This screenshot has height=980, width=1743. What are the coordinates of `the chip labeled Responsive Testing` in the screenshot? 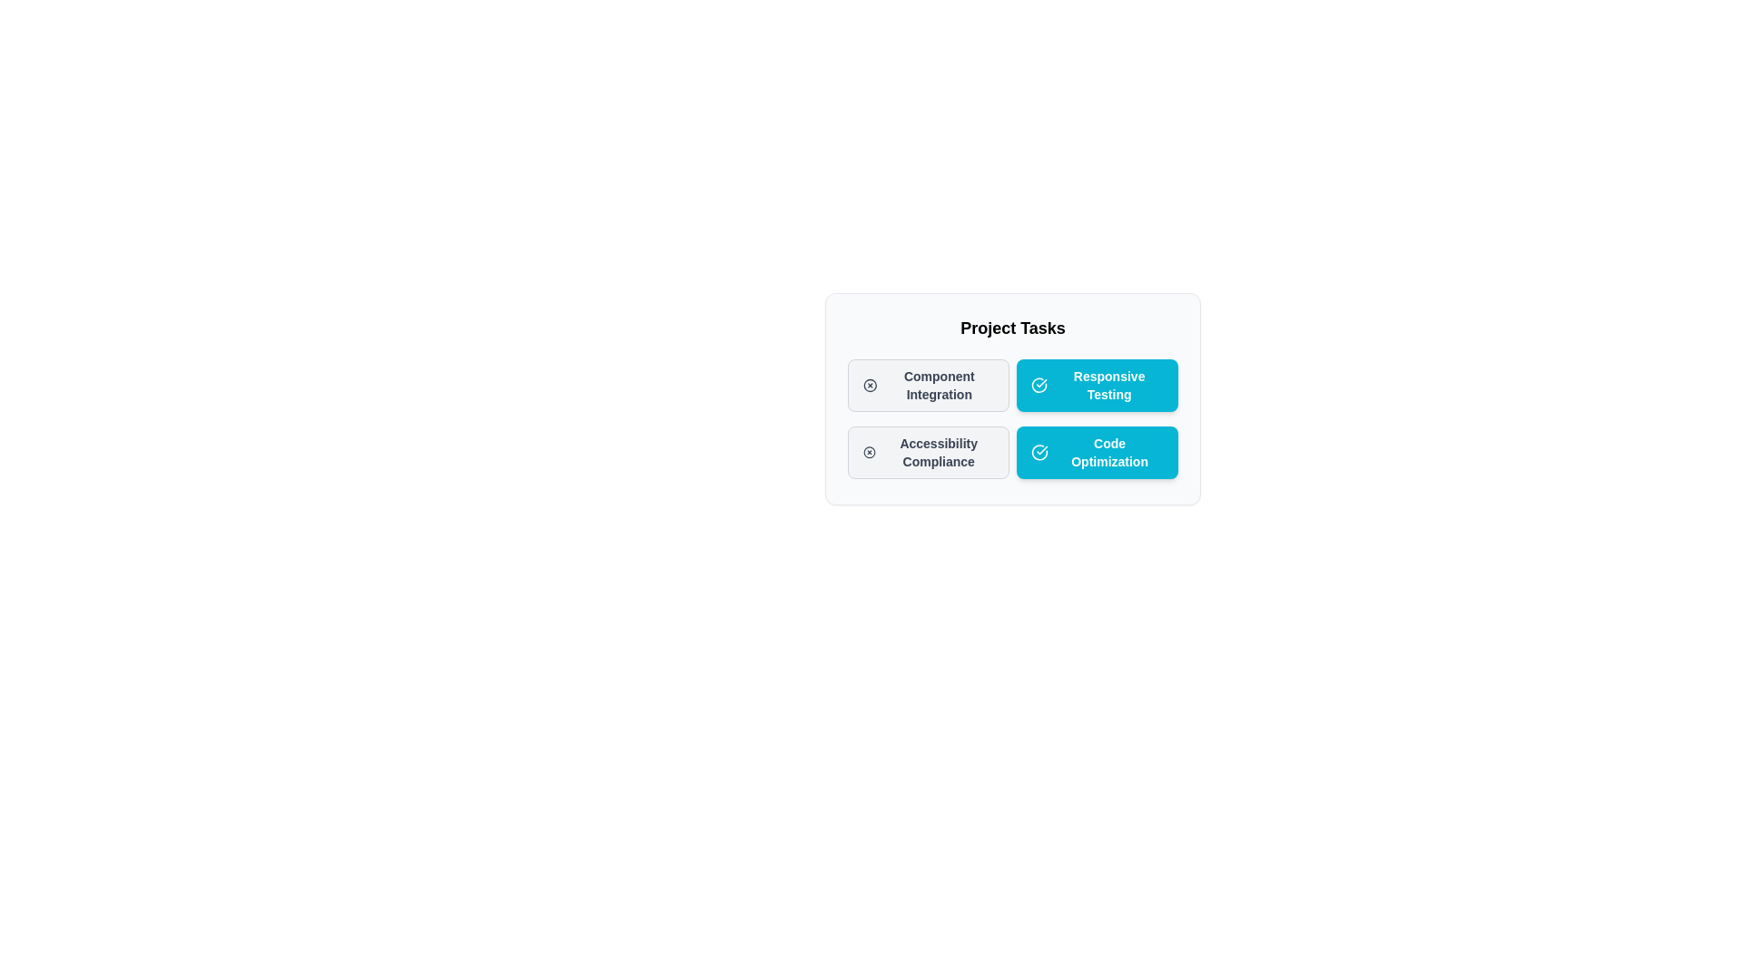 It's located at (1097, 384).